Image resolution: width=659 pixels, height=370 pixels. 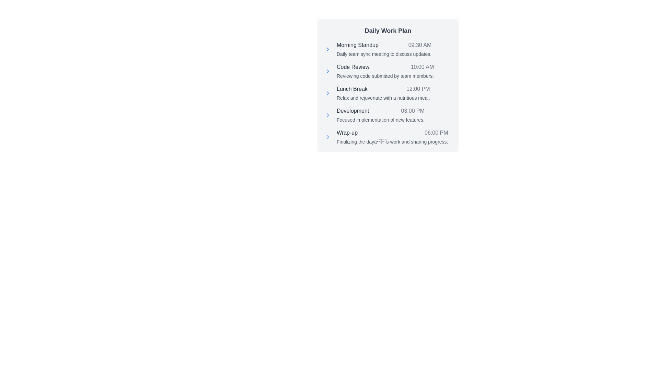 I want to click on descriptive text that summarizes the purpose of the 'Wrap-up' activity, located underneath the 'Wrap-up' title and time '06:00 PM', so click(x=392, y=141).